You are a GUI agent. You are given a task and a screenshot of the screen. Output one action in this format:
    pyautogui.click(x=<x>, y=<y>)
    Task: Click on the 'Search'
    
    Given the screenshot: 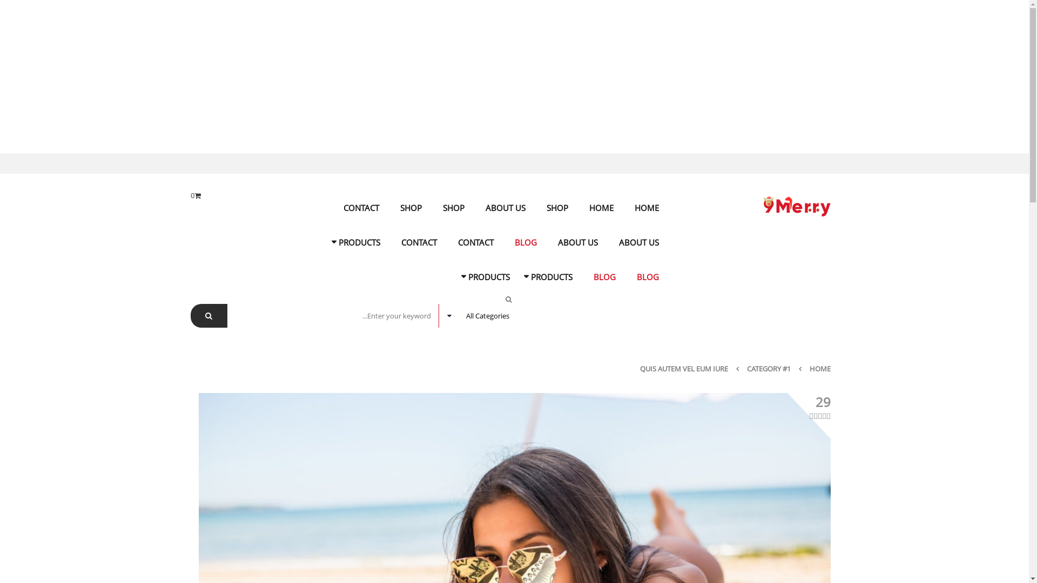 What is the action you would take?
    pyautogui.click(x=208, y=316)
    